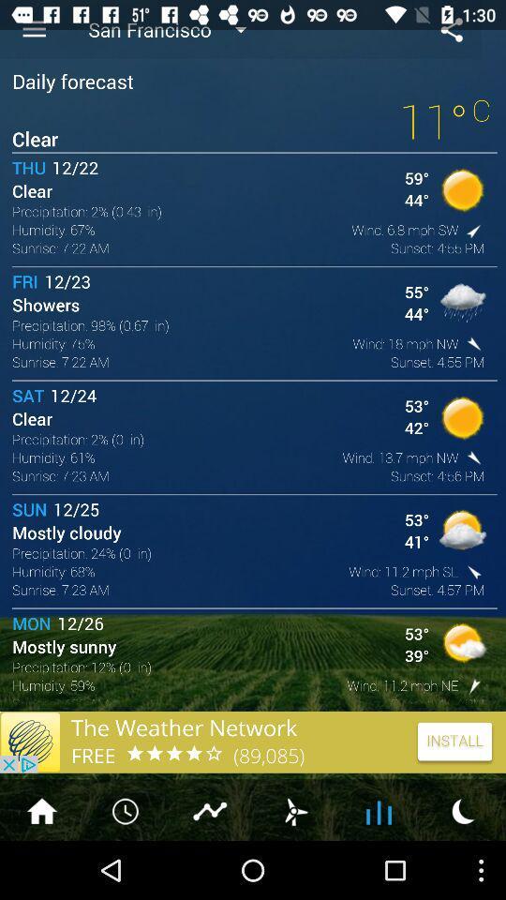 The height and width of the screenshot is (900, 506). What do you see at coordinates (294, 867) in the screenshot?
I see `the weather icon` at bounding box center [294, 867].